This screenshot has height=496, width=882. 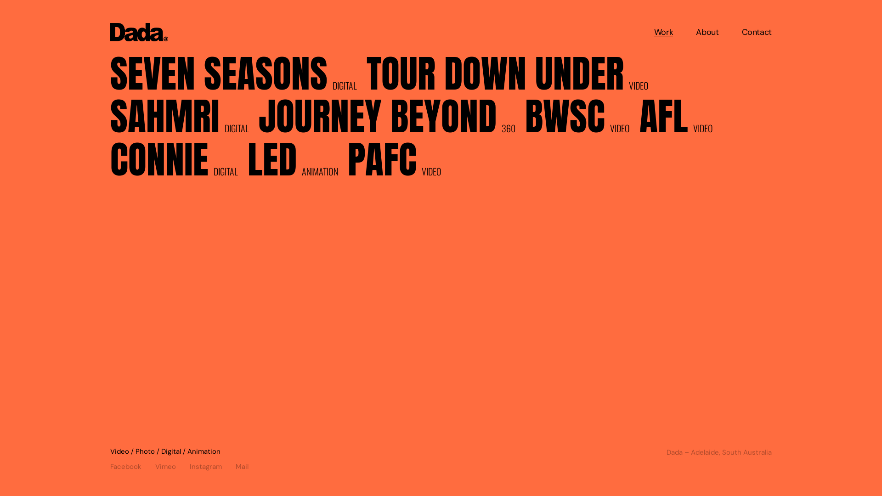 I want to click on 'SAHMRI DIGITAL', so click(x=184, y=119).